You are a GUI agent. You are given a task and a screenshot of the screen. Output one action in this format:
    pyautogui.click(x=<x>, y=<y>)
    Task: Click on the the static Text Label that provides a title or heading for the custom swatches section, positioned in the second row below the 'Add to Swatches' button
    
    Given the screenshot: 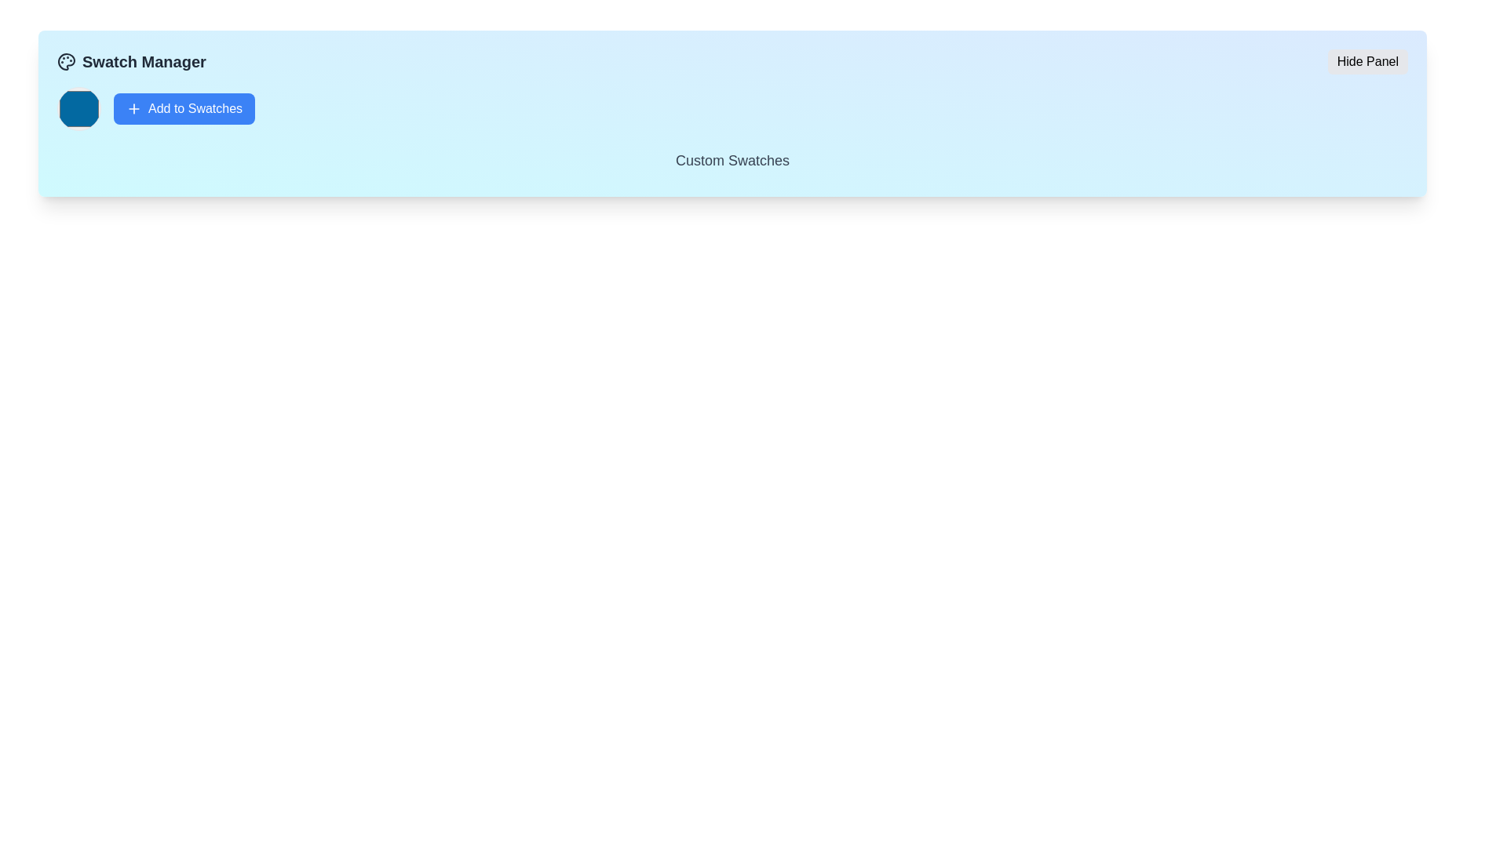 What is the action you would take?
    pyautogui.click(x=732, y=160)
    